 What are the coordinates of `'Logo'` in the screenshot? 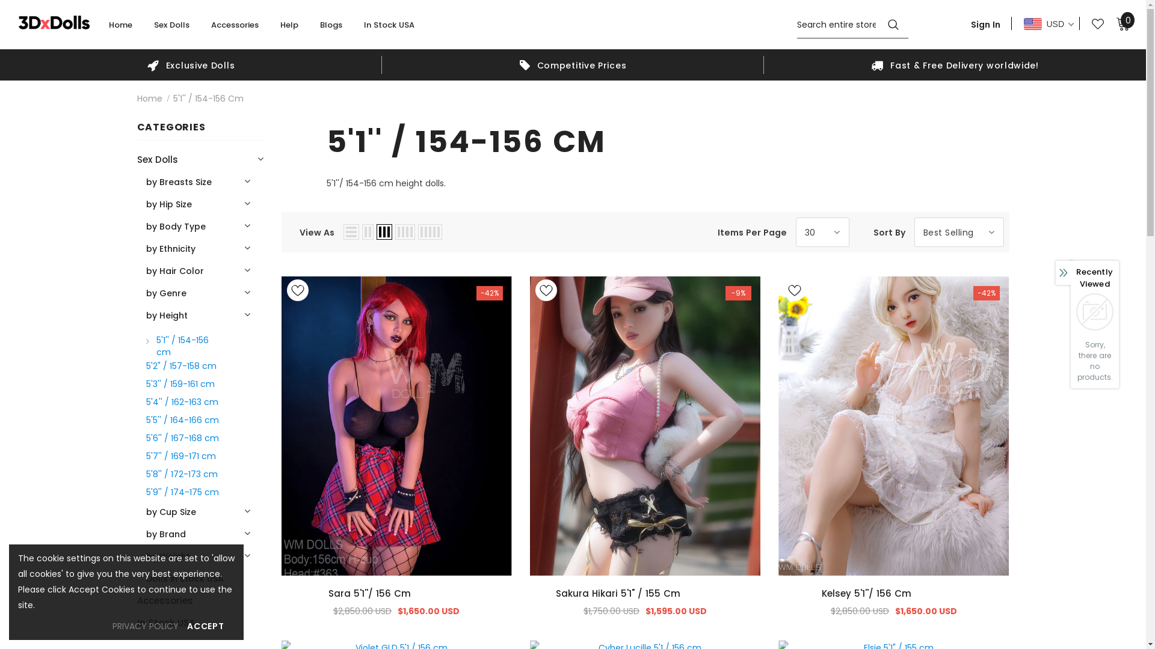 It's located at (54, 22).